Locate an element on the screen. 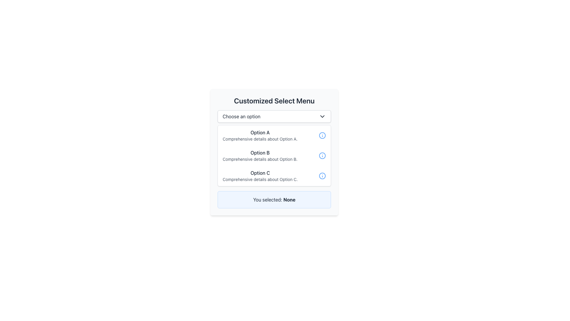 The width and height of the screenshot is (570, 321). the information icon located to the right of the 'Option C' menu item in the dropdown menu, which allows users is located at coordinates (322, 175).